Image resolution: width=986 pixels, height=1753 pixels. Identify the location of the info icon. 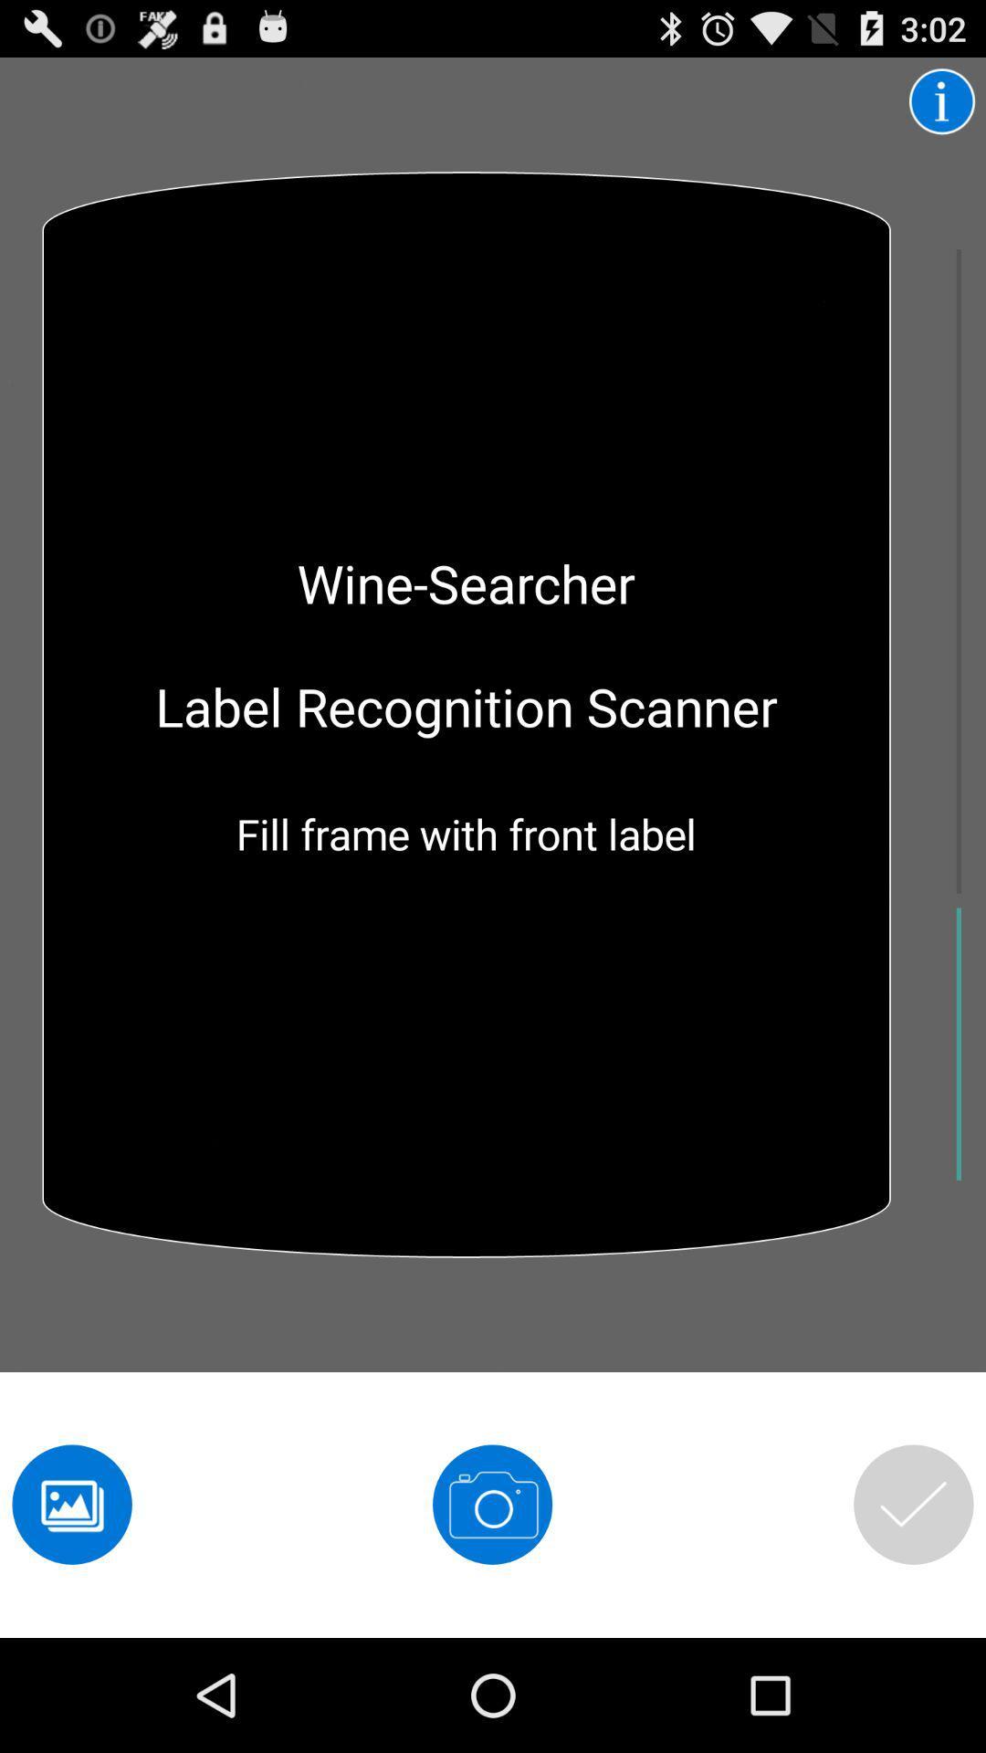
(942, 107).